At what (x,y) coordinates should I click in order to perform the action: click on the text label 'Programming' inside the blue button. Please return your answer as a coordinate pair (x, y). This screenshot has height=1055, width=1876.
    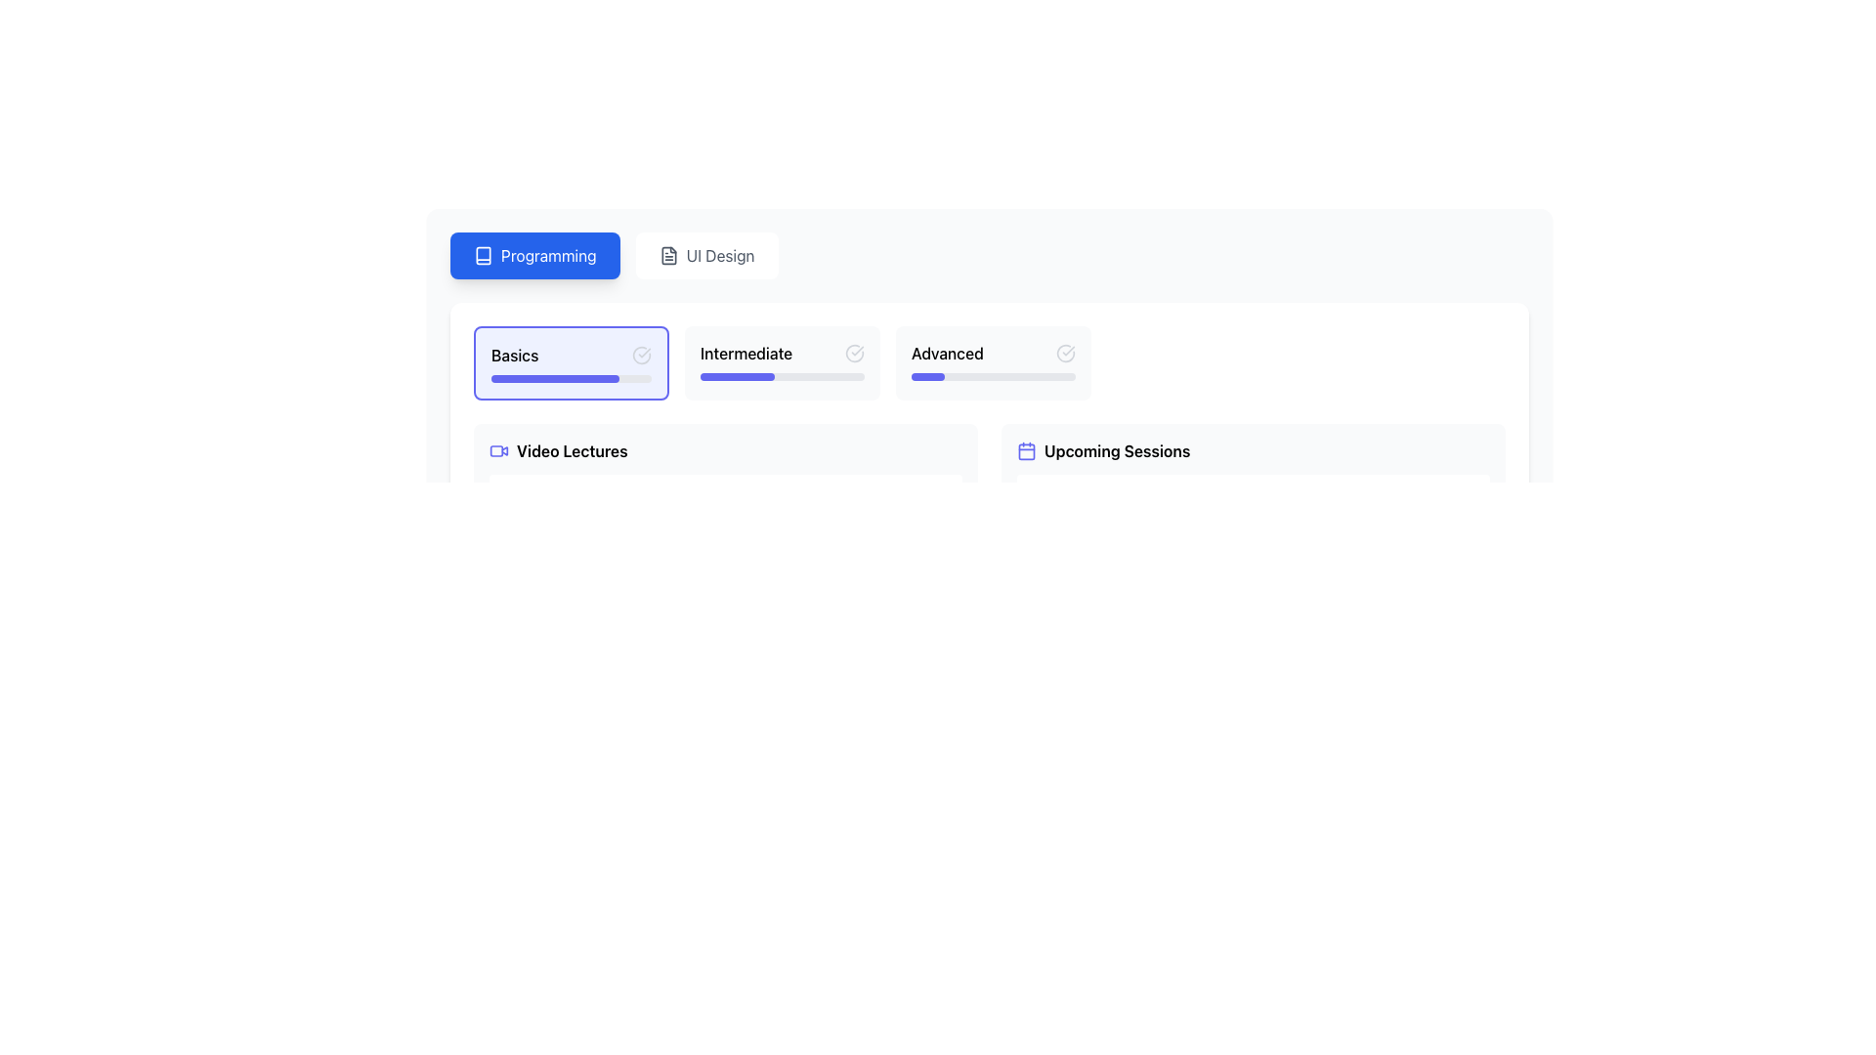
    Looking at the image, I should click on (547, 255).